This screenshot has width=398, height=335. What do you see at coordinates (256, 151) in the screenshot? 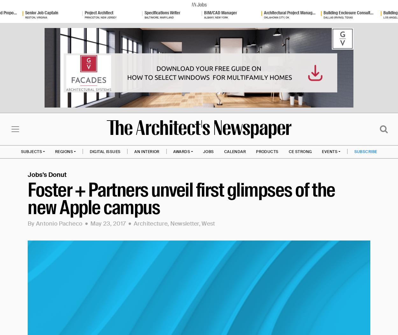
I see `'Products'` at bounding box center [256, 151].